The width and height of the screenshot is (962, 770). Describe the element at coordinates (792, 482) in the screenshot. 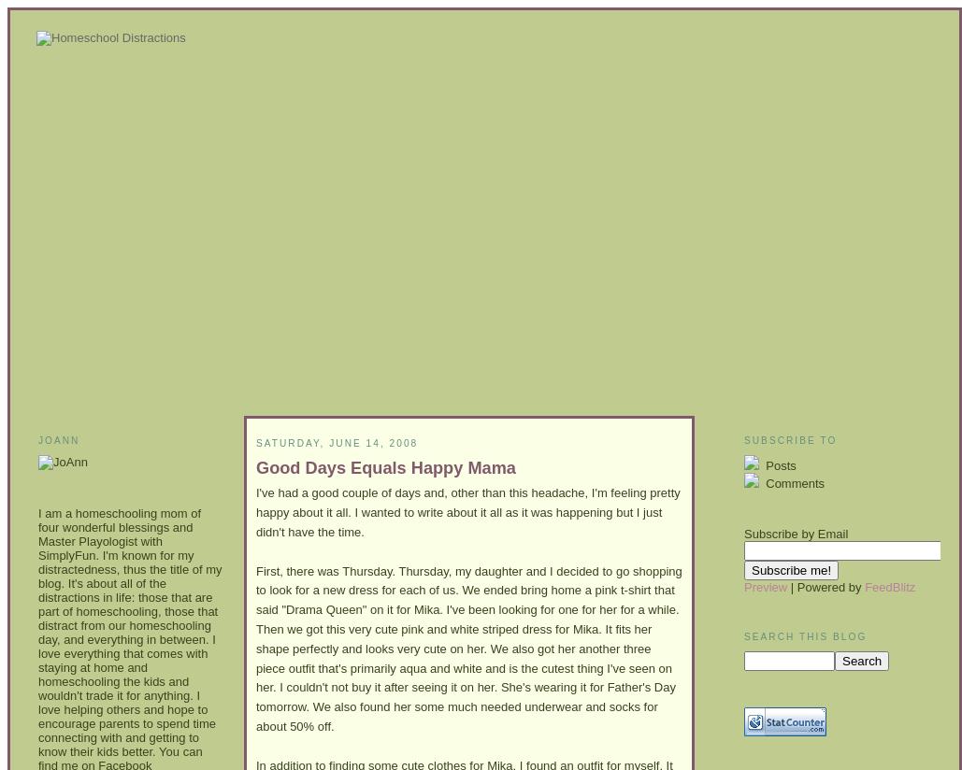

I see `'Comments'` at that location.